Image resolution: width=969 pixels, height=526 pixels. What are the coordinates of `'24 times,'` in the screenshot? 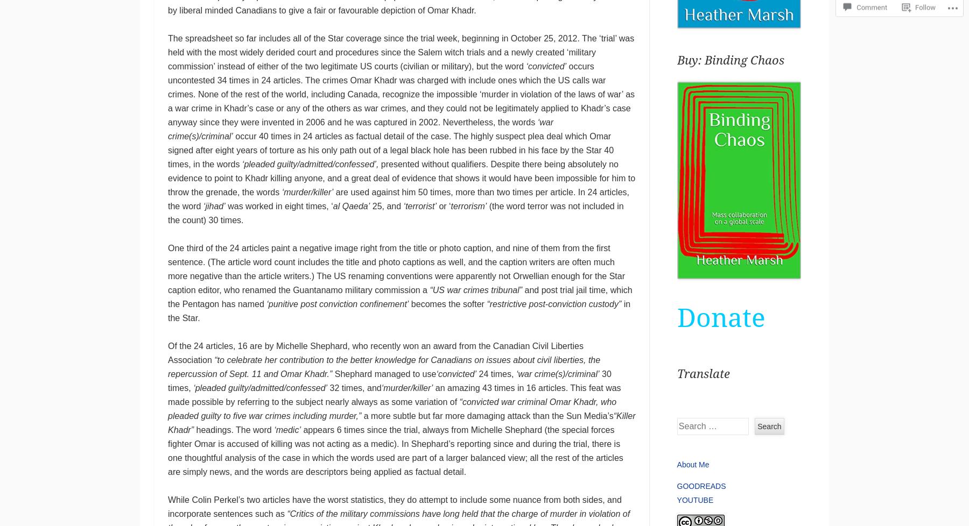 It's located at (476, 374).